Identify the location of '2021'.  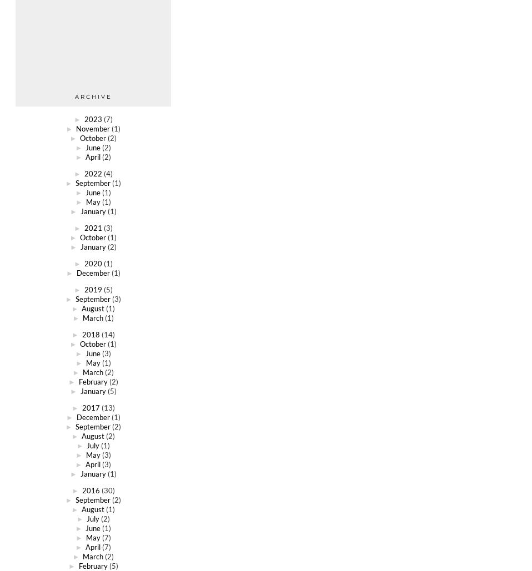
(92, 227).